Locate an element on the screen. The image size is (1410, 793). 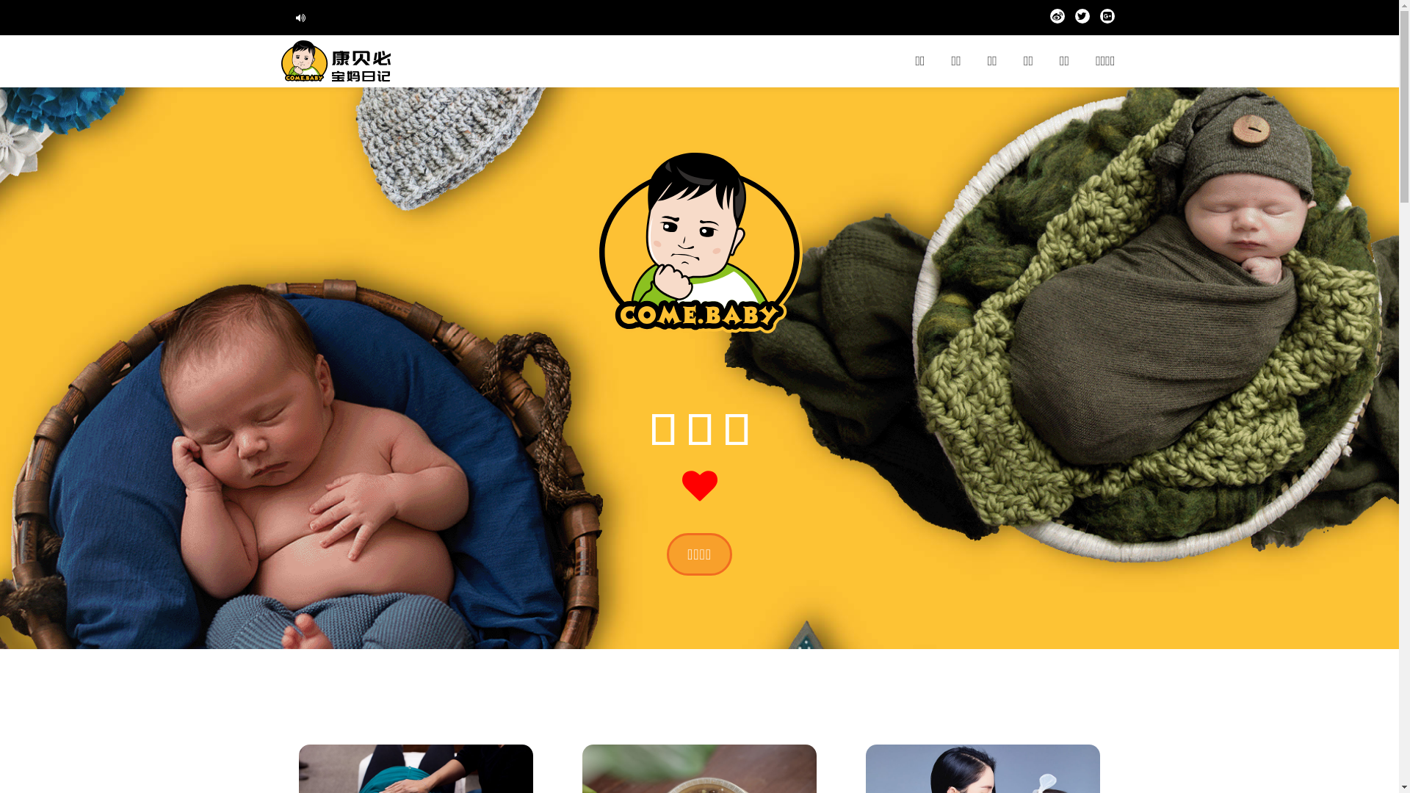
'fa-weibo' is located at coordinates (1049, 19).